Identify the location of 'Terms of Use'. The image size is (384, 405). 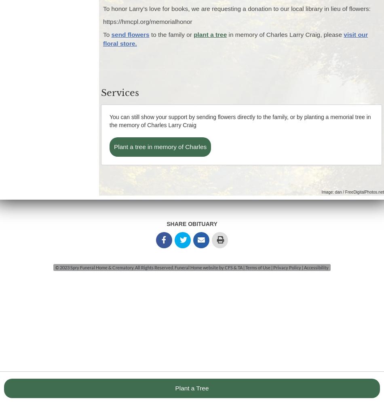
(258, 267).